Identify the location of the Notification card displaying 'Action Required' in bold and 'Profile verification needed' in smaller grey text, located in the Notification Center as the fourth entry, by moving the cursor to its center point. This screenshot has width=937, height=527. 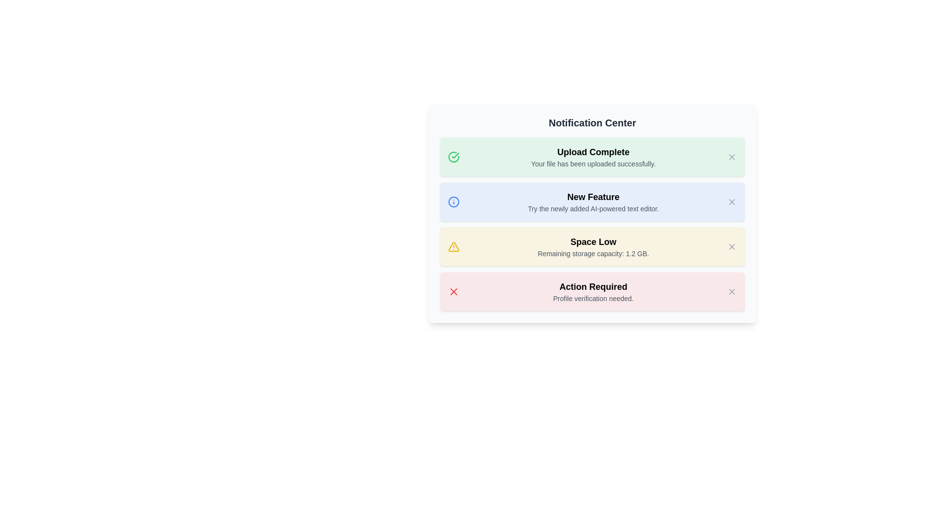
(592, 291).